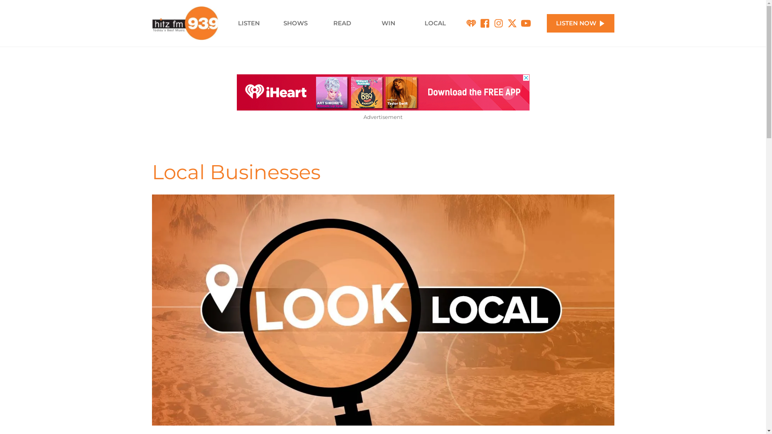  I want to click on 'LOCAL', so click(411, 23).